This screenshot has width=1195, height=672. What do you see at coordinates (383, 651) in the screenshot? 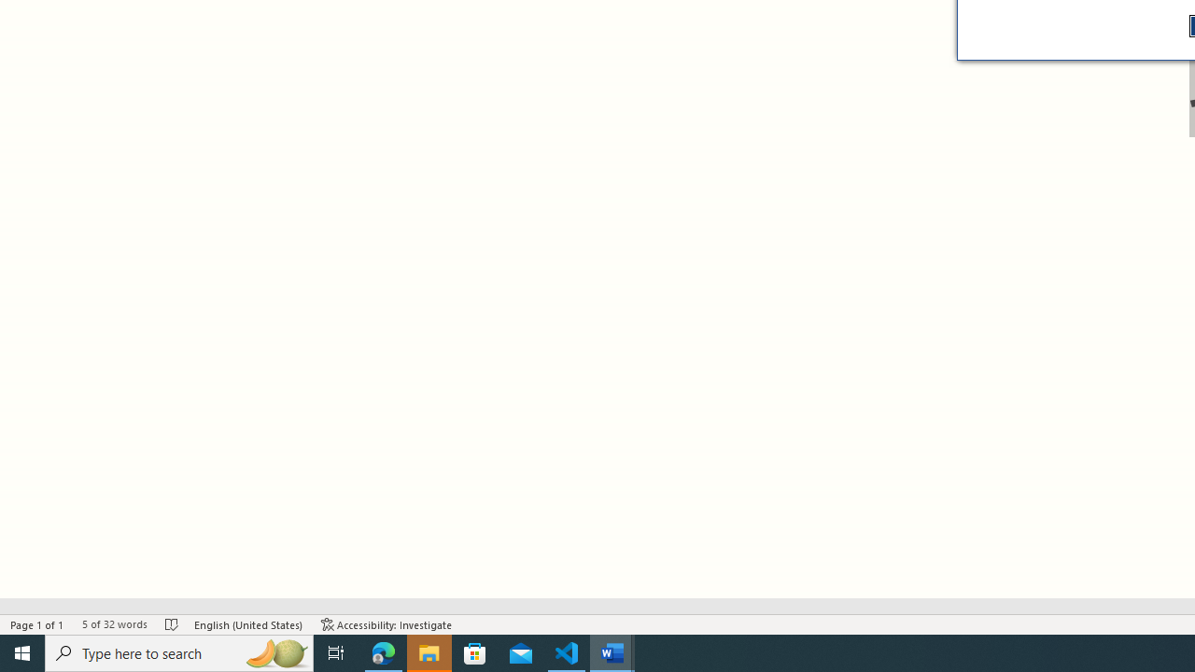
I see `'Microsoft Edge - 1 running window'` at bounding box center [383, 651].